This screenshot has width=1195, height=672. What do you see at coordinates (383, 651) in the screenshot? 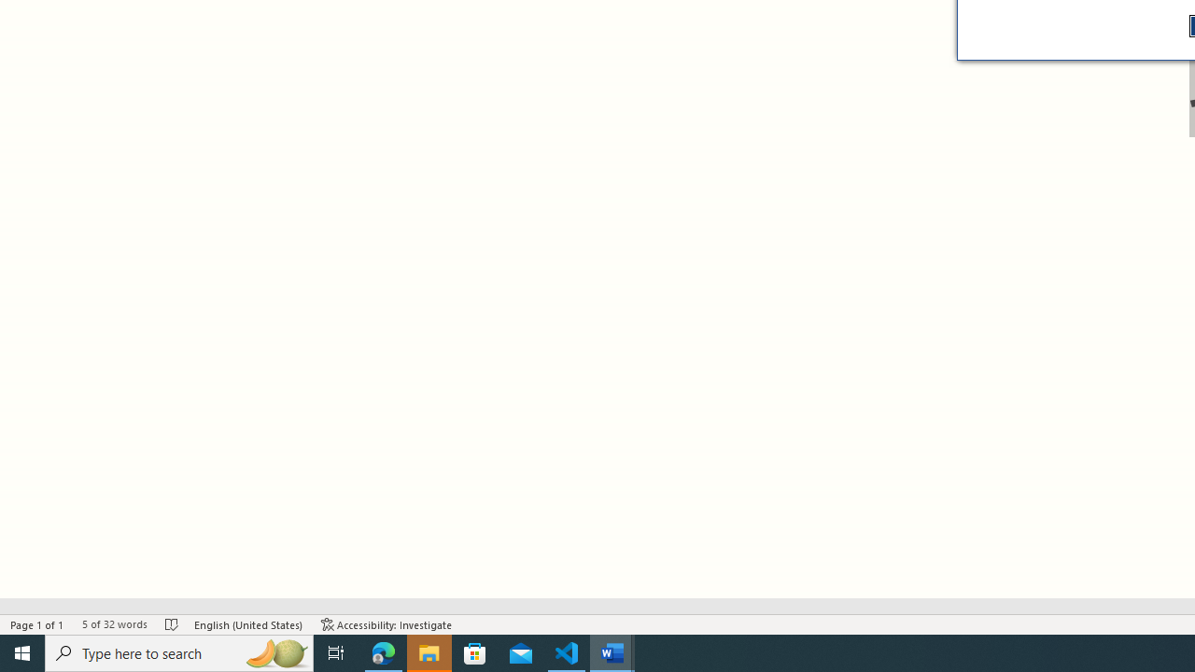
I see `'Microsoft Edge - 1 running window'` at bounding box center [383, 651].